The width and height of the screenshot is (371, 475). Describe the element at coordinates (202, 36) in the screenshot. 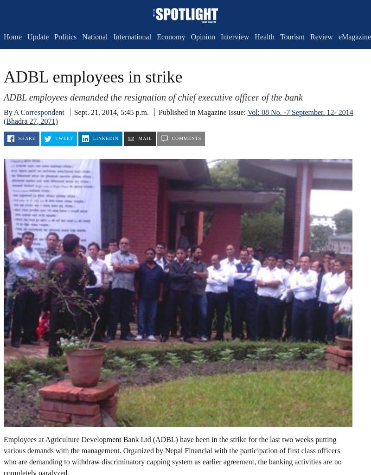

I see `'Opinion'` at that location.